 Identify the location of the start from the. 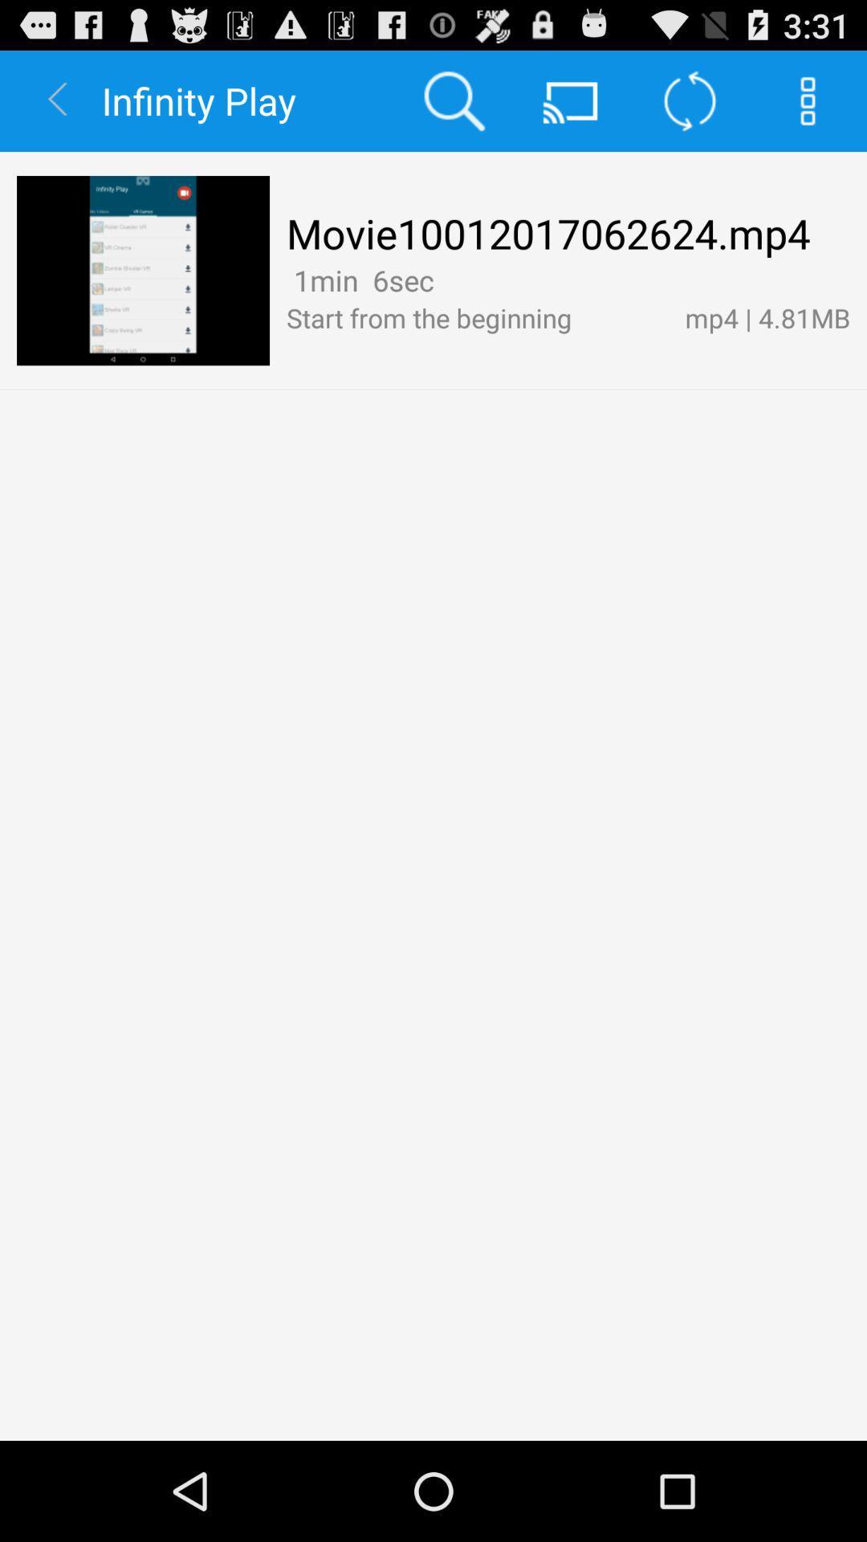
(476, 317).